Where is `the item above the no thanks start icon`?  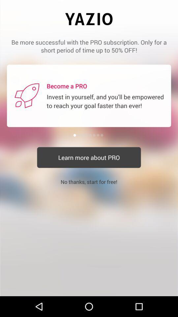 the item above the no thanks start icon is located at coordinates (89, 158).